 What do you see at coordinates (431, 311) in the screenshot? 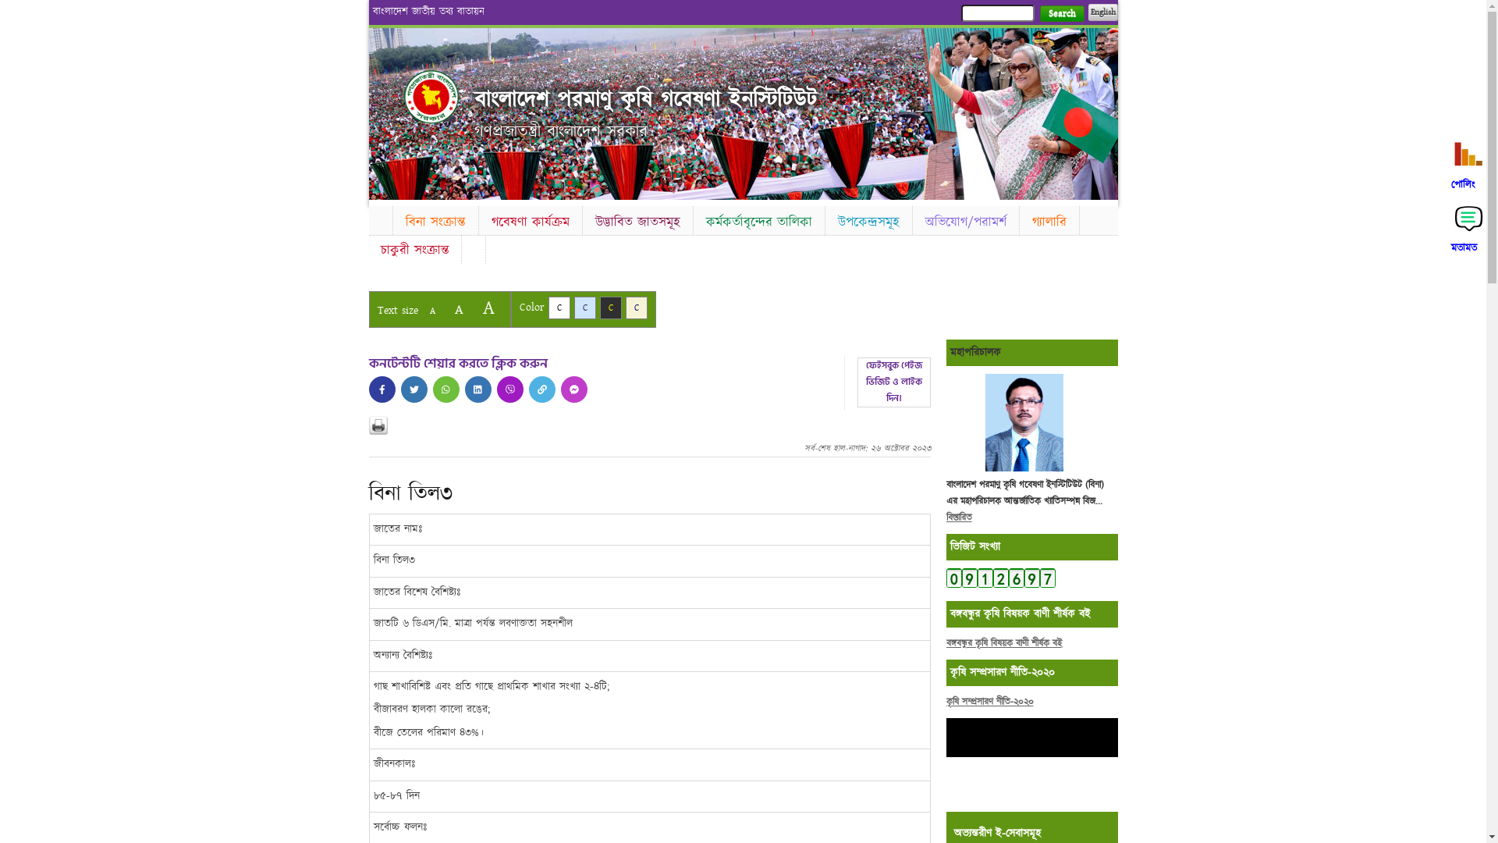
I see `'A'` at bounding box center [431, 311].